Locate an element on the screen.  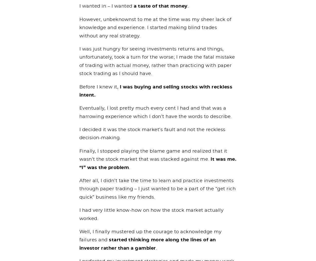
'I was just hungry for seeing investments returns and things, unfortunately, took a turn for the worse; I made the fatal mistake of trading with actual money, rather than practicing with paper stock trading as I should have.' is located at coordinates (157, 61).